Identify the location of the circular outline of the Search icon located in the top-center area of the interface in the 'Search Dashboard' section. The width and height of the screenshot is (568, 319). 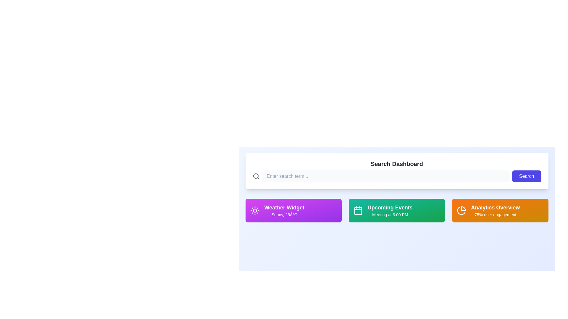
(256, 176).